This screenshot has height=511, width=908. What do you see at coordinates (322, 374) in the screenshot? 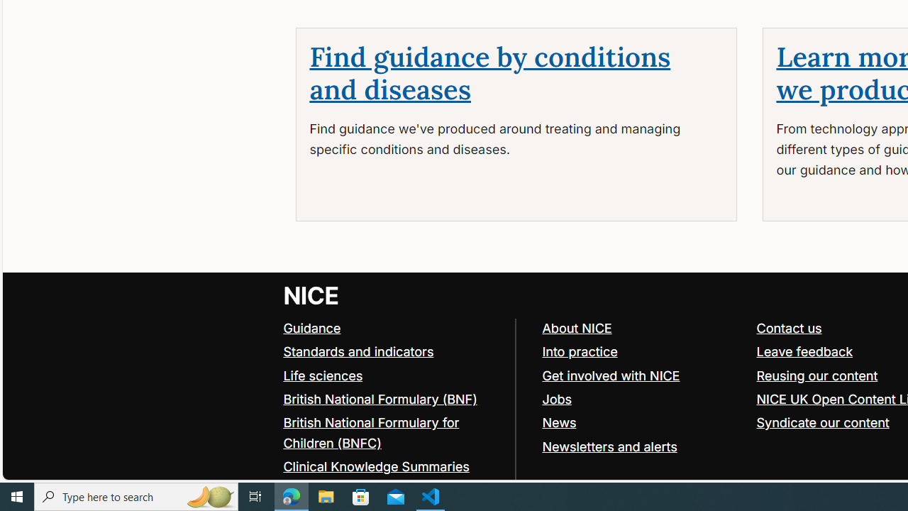
I see `'Life sciences'` at bounding box center [322, 374].